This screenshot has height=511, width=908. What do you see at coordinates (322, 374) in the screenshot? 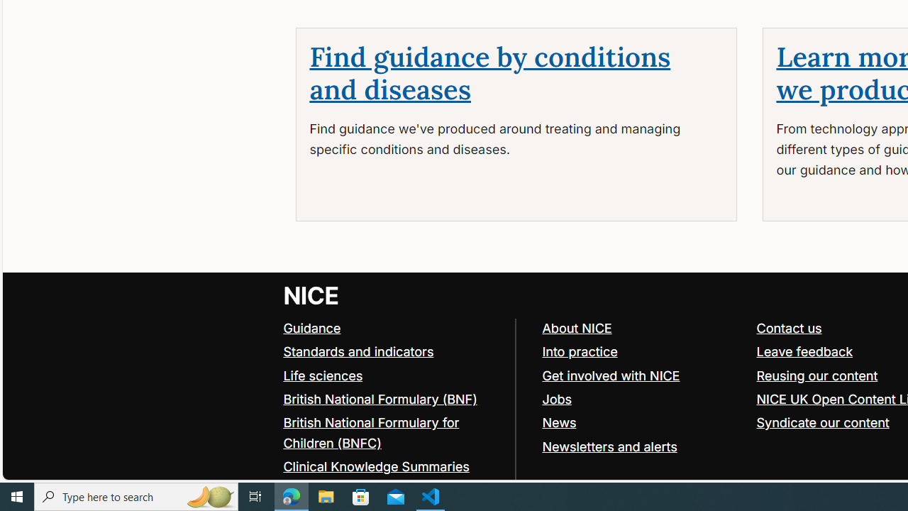
I see `'Life sciences'` at bounding box center [322, 374].